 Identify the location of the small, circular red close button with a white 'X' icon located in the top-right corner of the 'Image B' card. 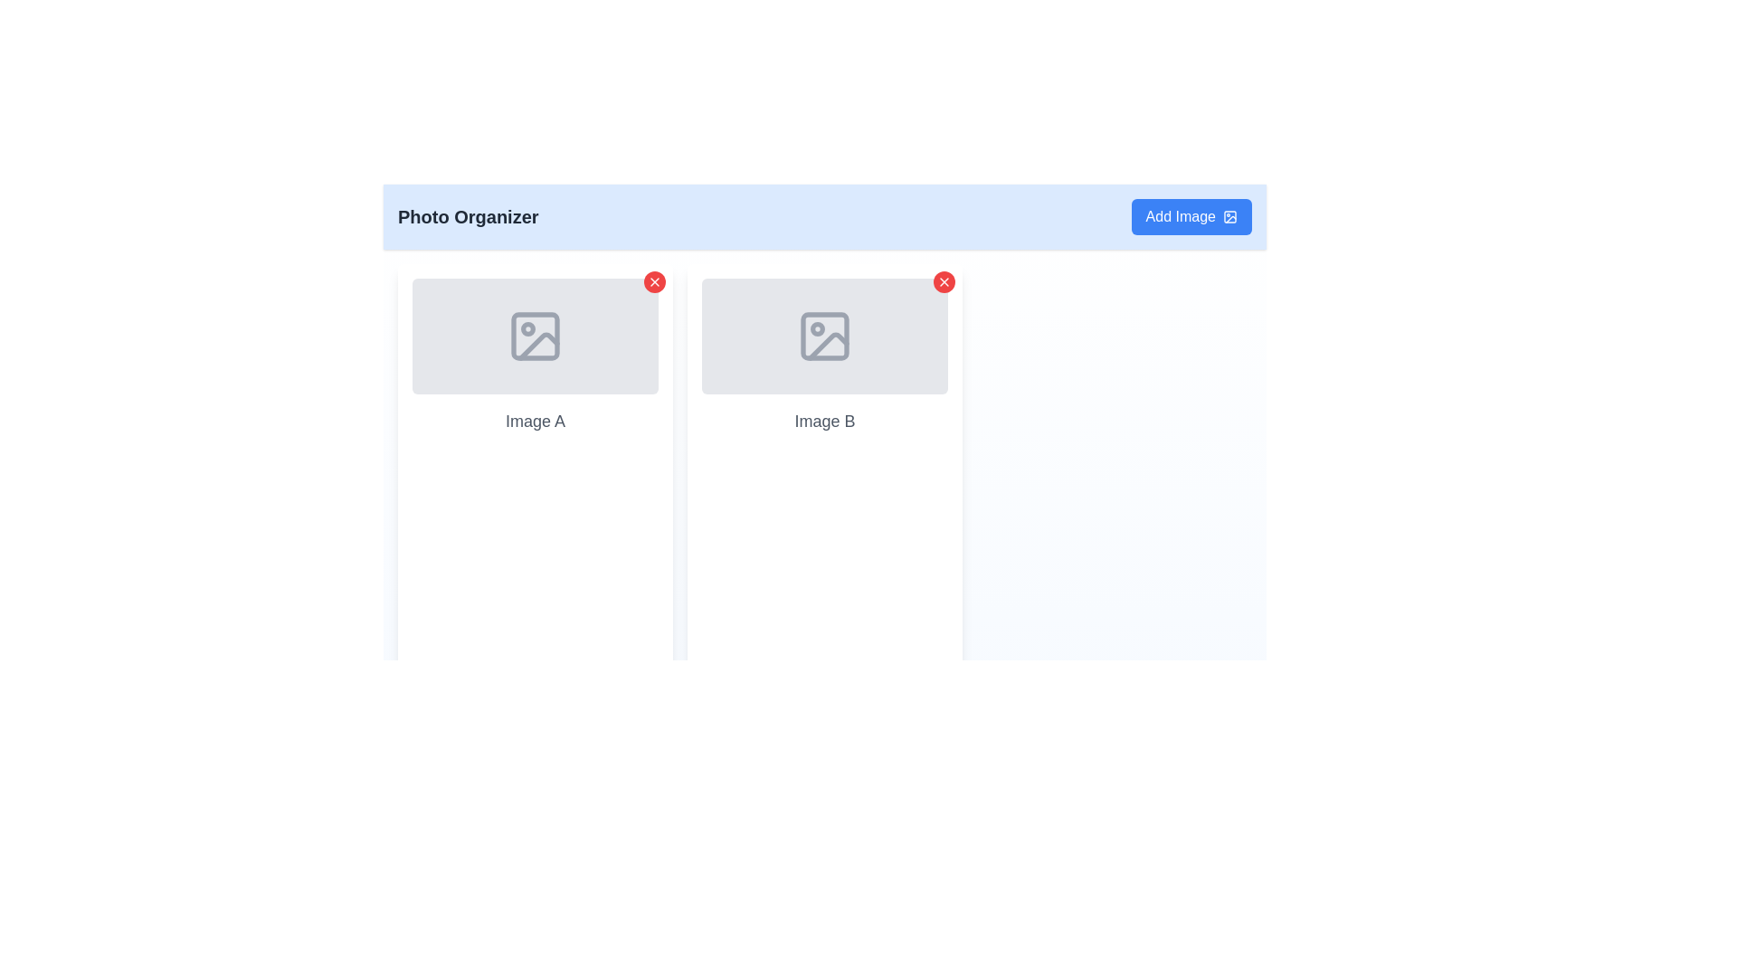
(943, 282).